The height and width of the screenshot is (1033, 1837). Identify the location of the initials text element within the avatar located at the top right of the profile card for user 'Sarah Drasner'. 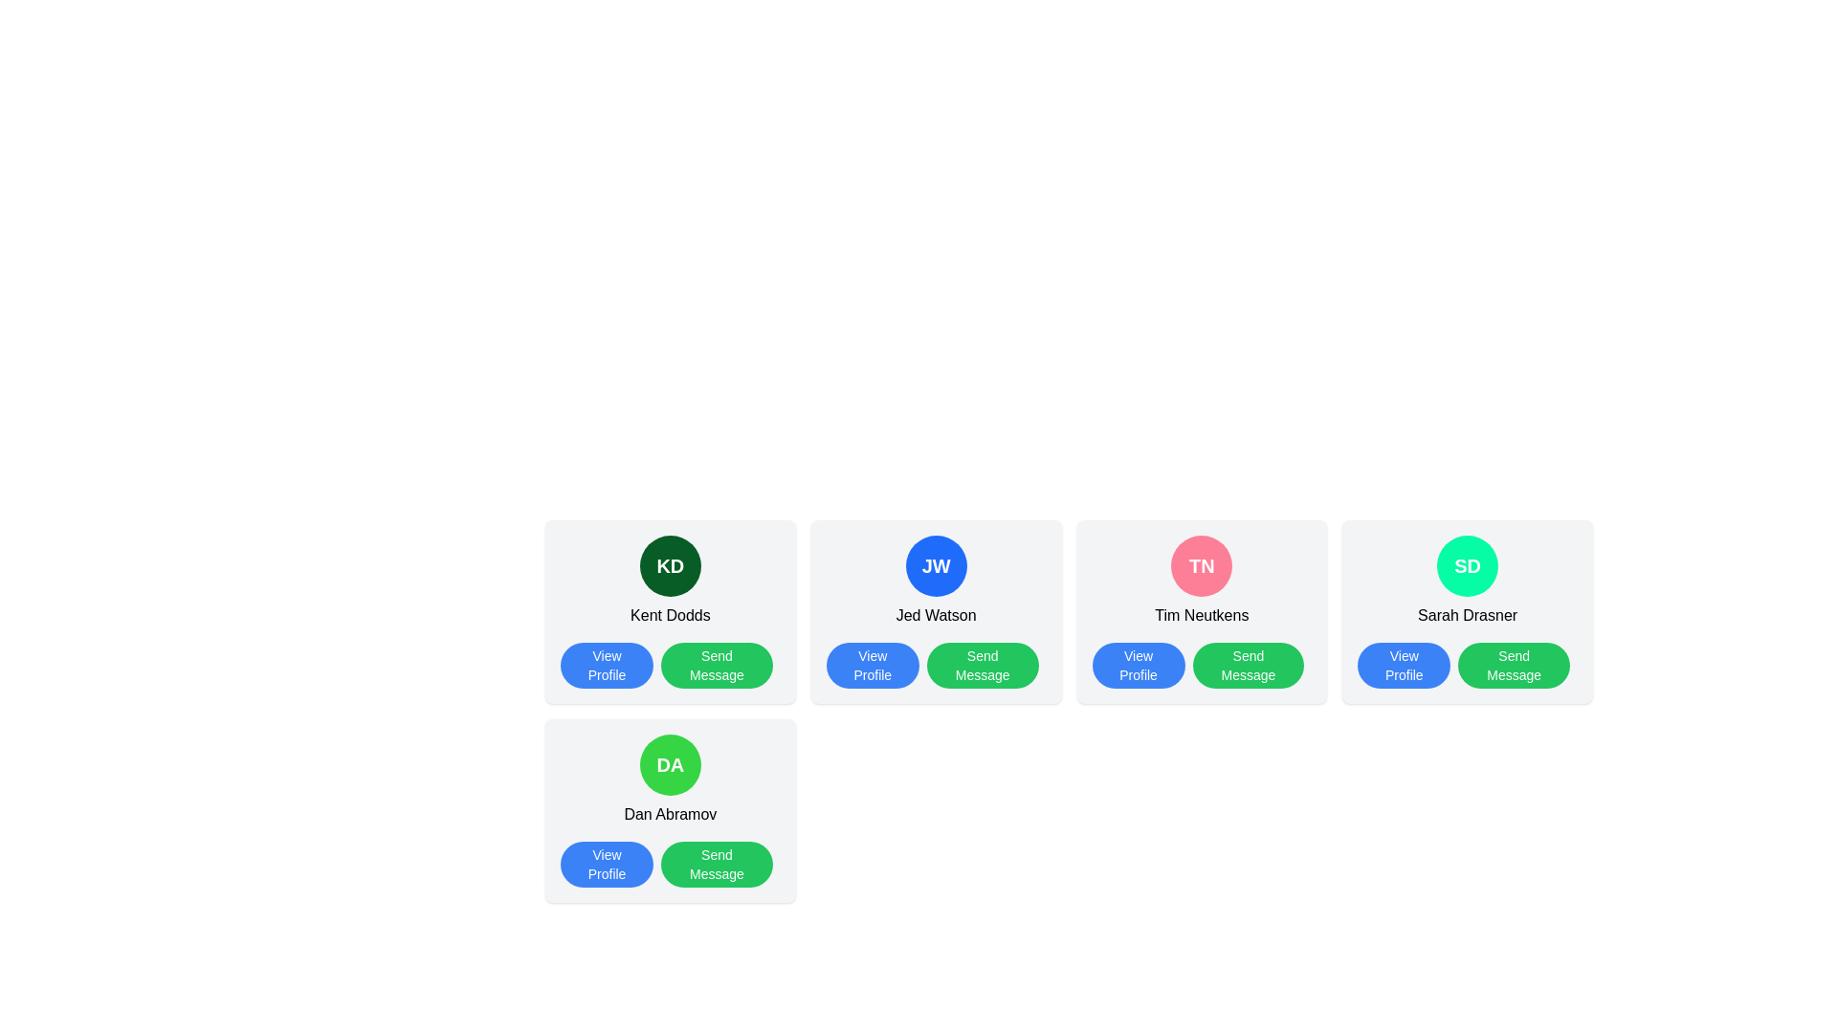
(1467, 564).